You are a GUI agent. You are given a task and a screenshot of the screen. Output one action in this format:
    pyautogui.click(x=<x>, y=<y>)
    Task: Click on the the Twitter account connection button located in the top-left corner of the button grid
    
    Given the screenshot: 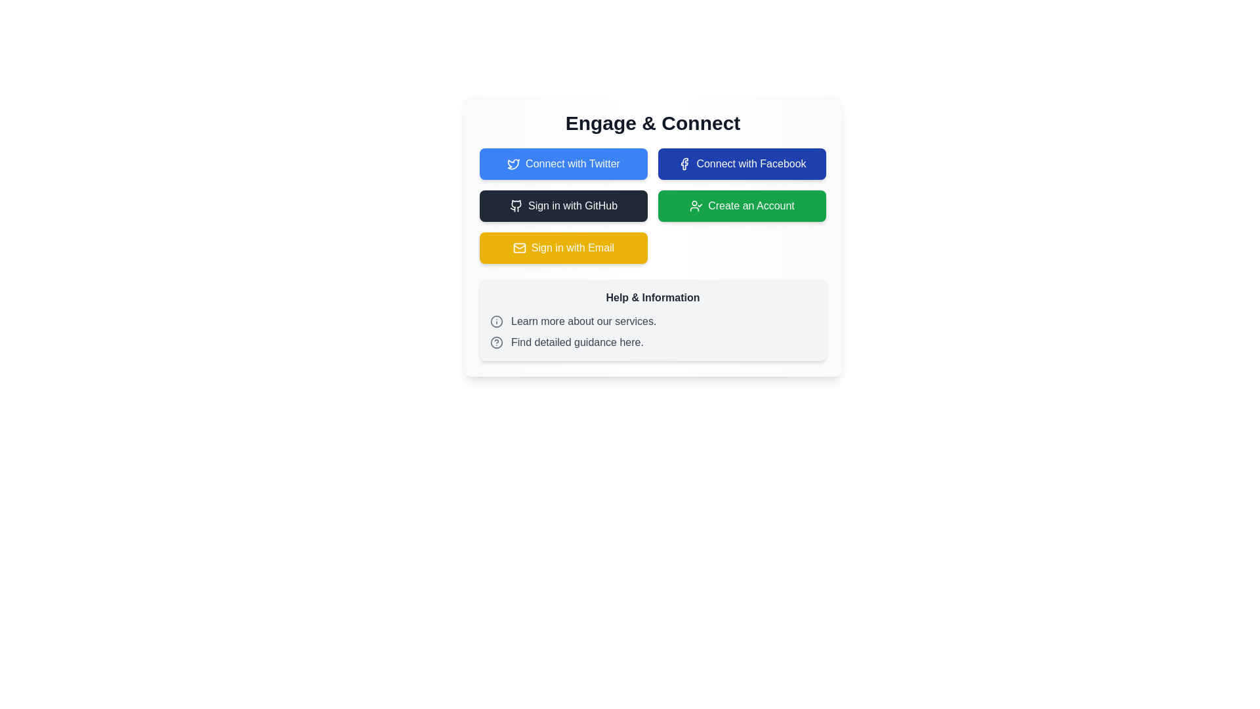 What is the action you would take?
    pyautogui.click(x=564, y=163)
    